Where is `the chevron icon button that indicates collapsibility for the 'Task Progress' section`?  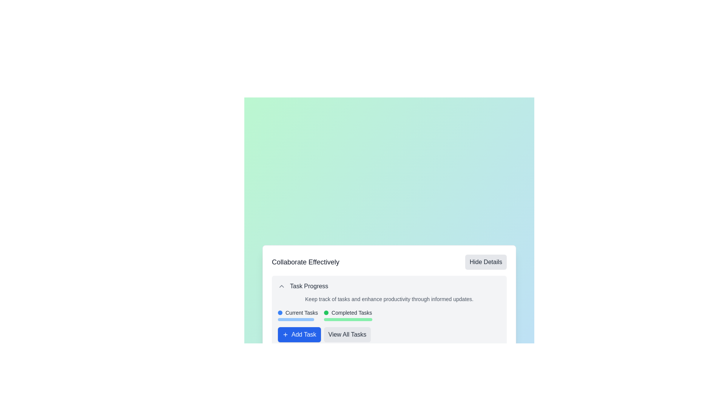
the chevron icon button that indicates collapsibility for the 'Task Progress' section is located at coordinates (281, 286).